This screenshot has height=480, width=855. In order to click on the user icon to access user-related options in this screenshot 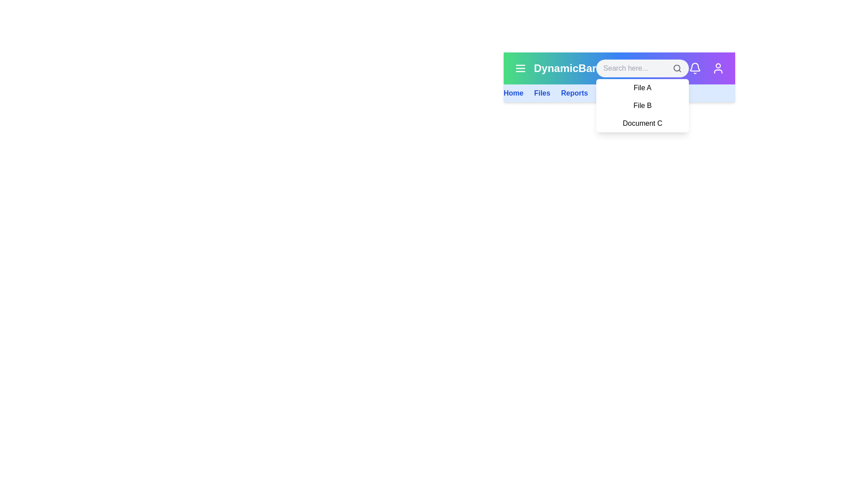, I will do `click(718, 68)`.